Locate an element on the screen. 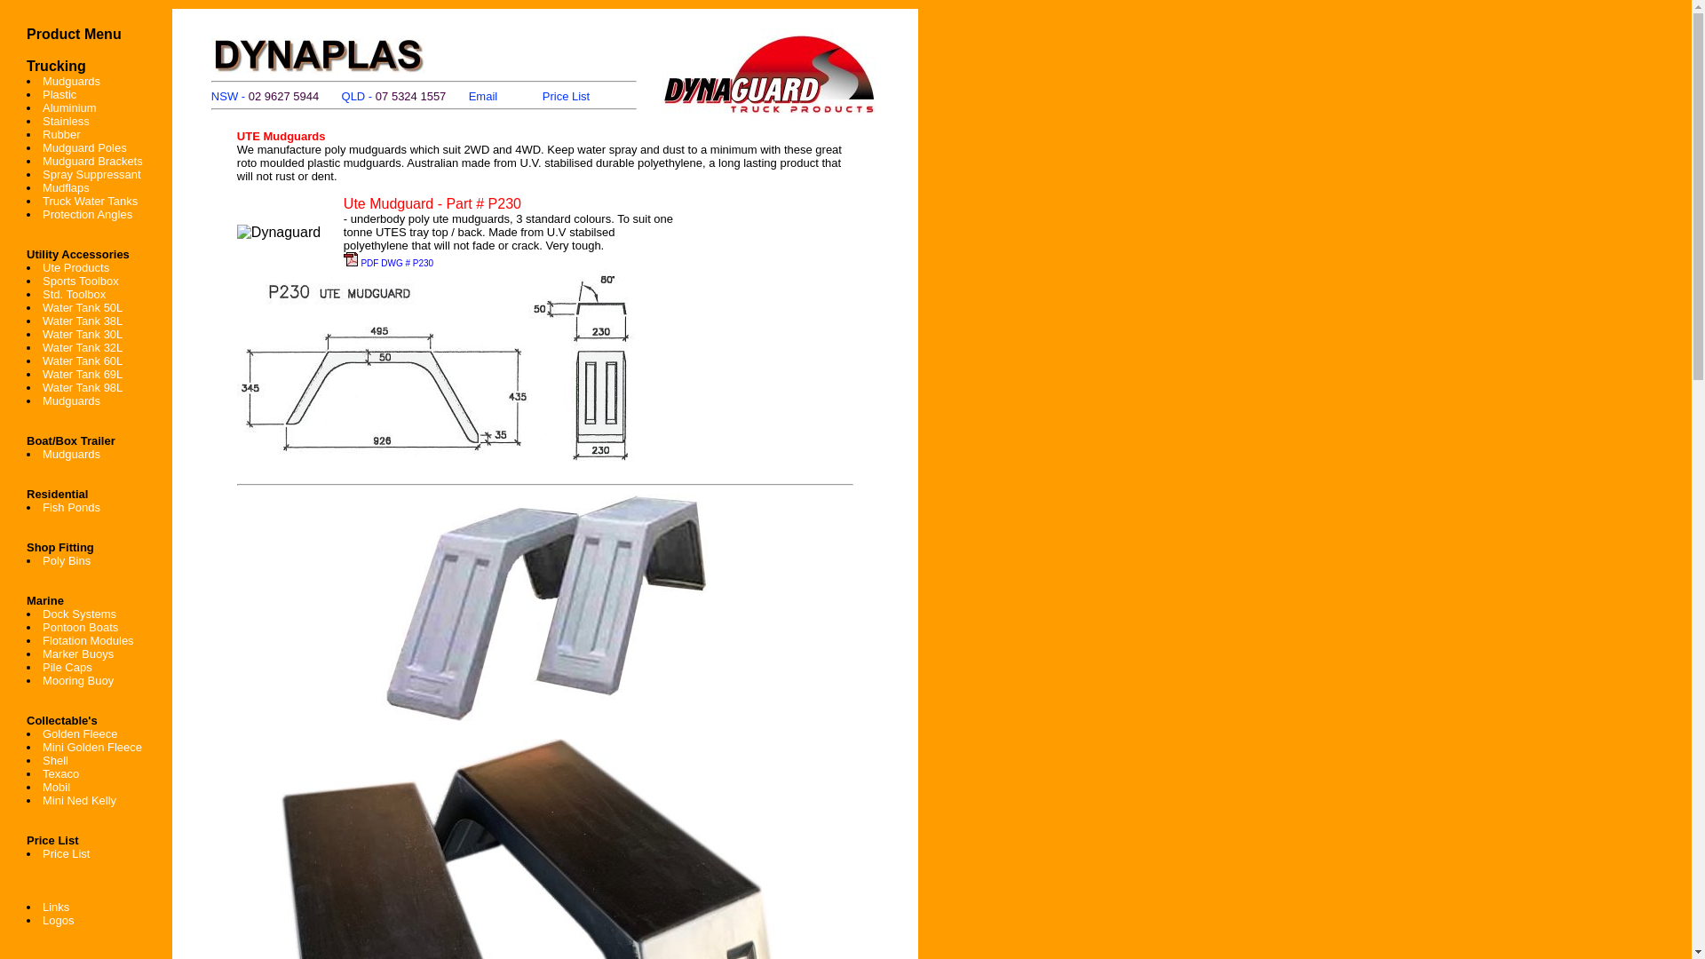 The width and height of the screenshot is (1705, 959). 'Price List' is located at coordinates (66, 852).